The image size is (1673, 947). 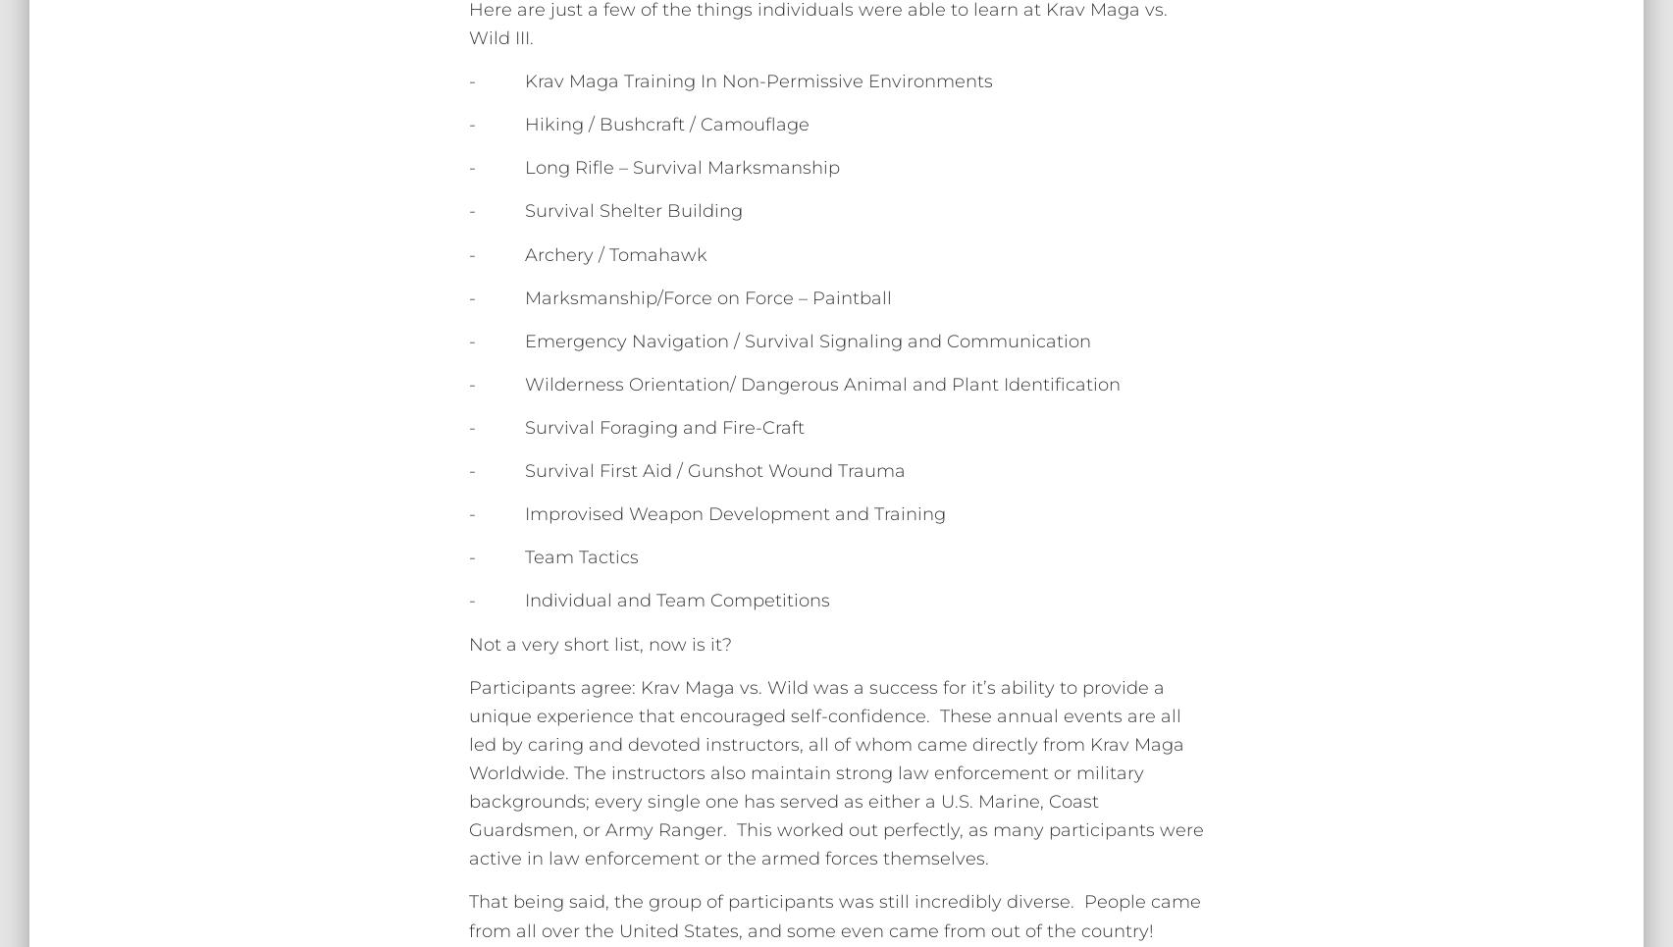 I want to click on '-          Individual and Team Competitions', so click(x=649, y=600).